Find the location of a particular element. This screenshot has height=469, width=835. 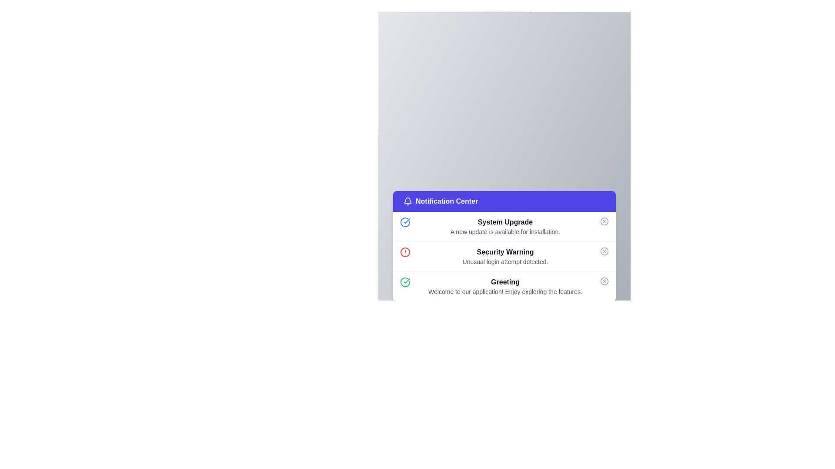

the success indicator icon located within the 'Greeting' item in the notifications list, positioned on the left side of the item's row is located at coordinates (406, 221).